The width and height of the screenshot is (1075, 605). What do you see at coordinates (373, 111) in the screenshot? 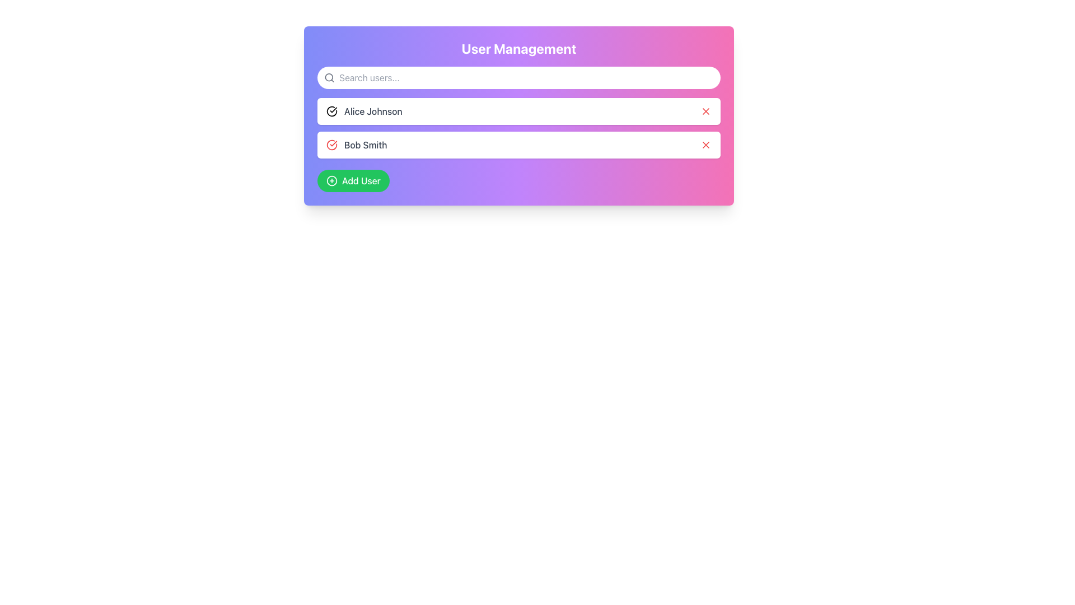
I see `the user's name label in the user listing interface, which is the rightmost element in the group, associated with the first user entry` at bounding box center [373, 111].